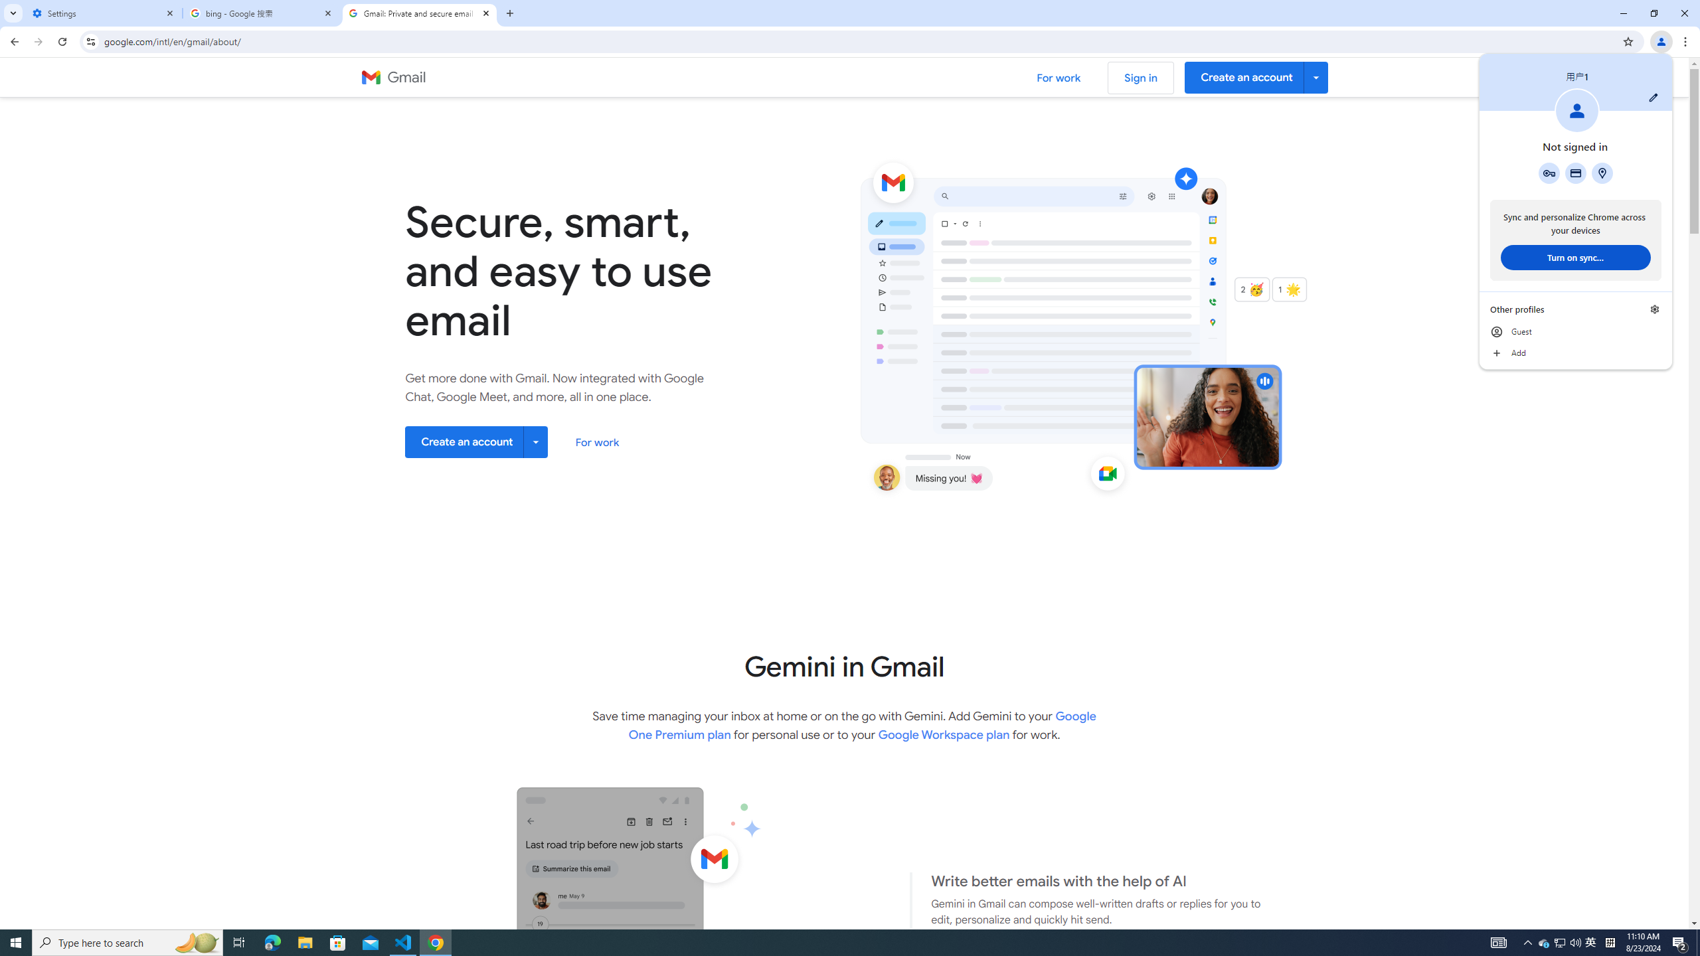 The image size is (1700, 956). What do you see at coordinates (127, 941) in the screenshot?
I see `'Type here to search'` at bounding box center [127, 941].